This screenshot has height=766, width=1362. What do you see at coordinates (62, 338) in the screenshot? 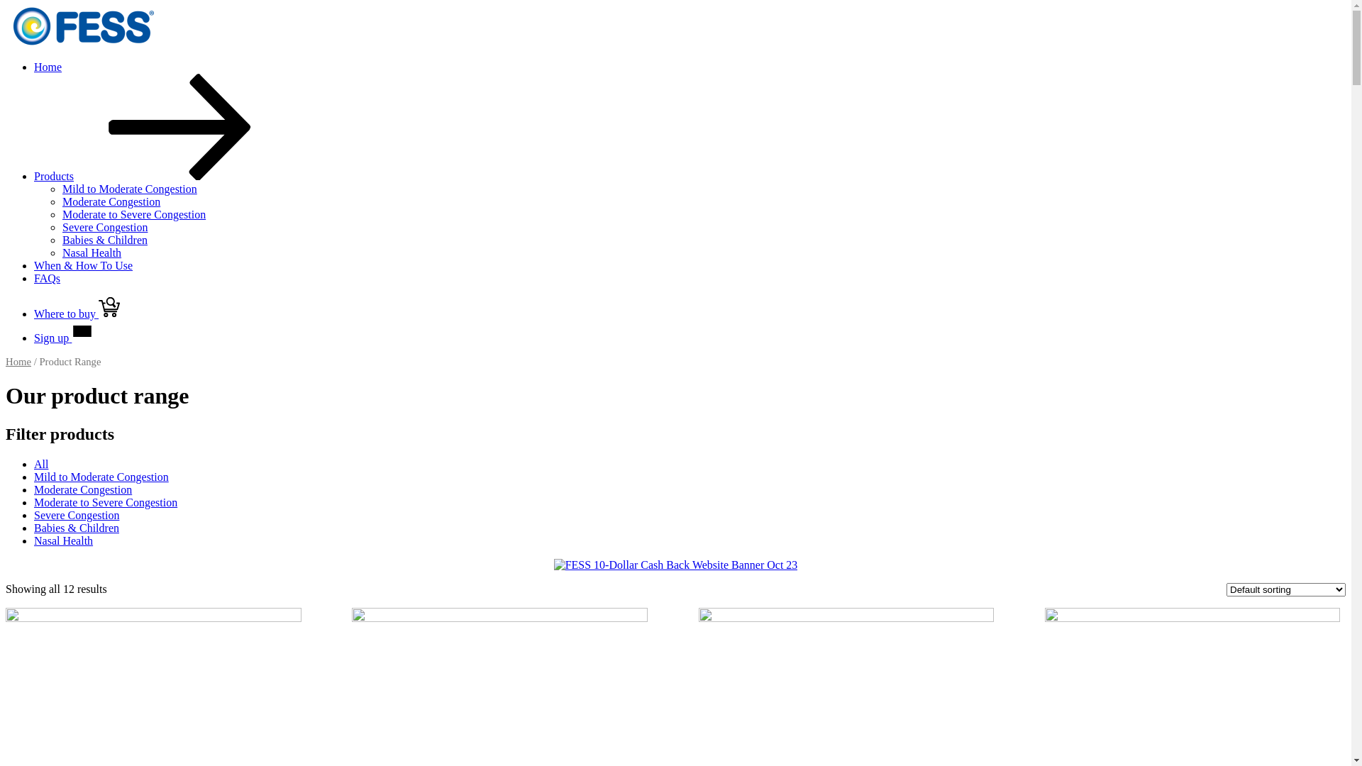
I see `'Sign up'` at bounding box center [62, 338].